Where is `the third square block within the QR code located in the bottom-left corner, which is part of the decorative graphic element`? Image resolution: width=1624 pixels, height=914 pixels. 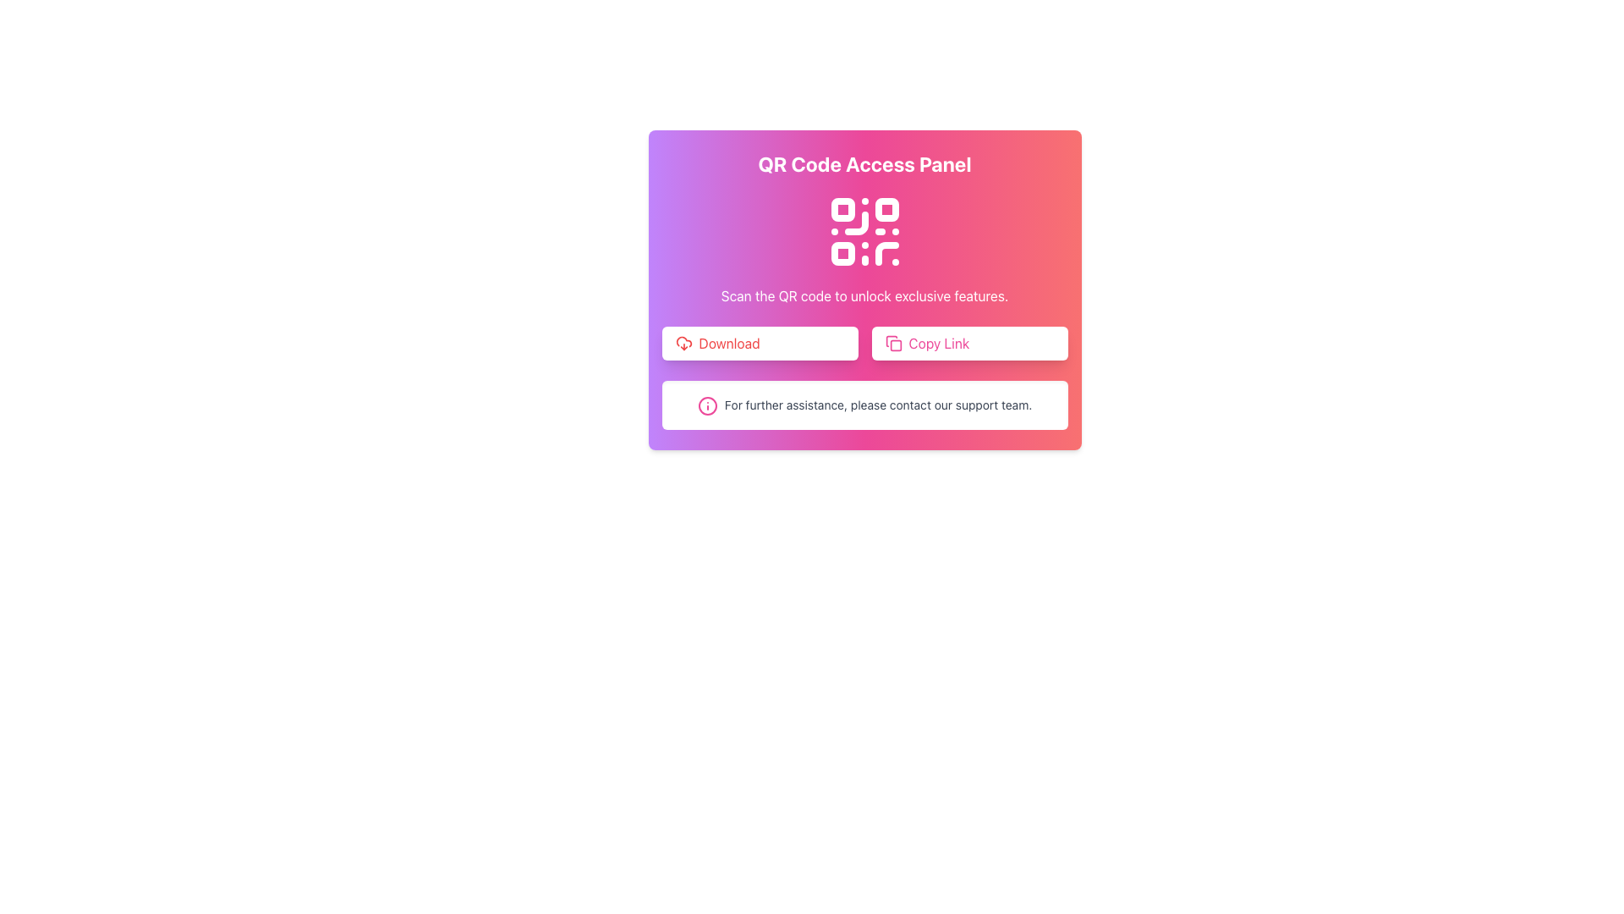 the third square block within the QR code located in the bottom-left corner, which is part of the decorative graphic element is located at coordinates (842, 254).